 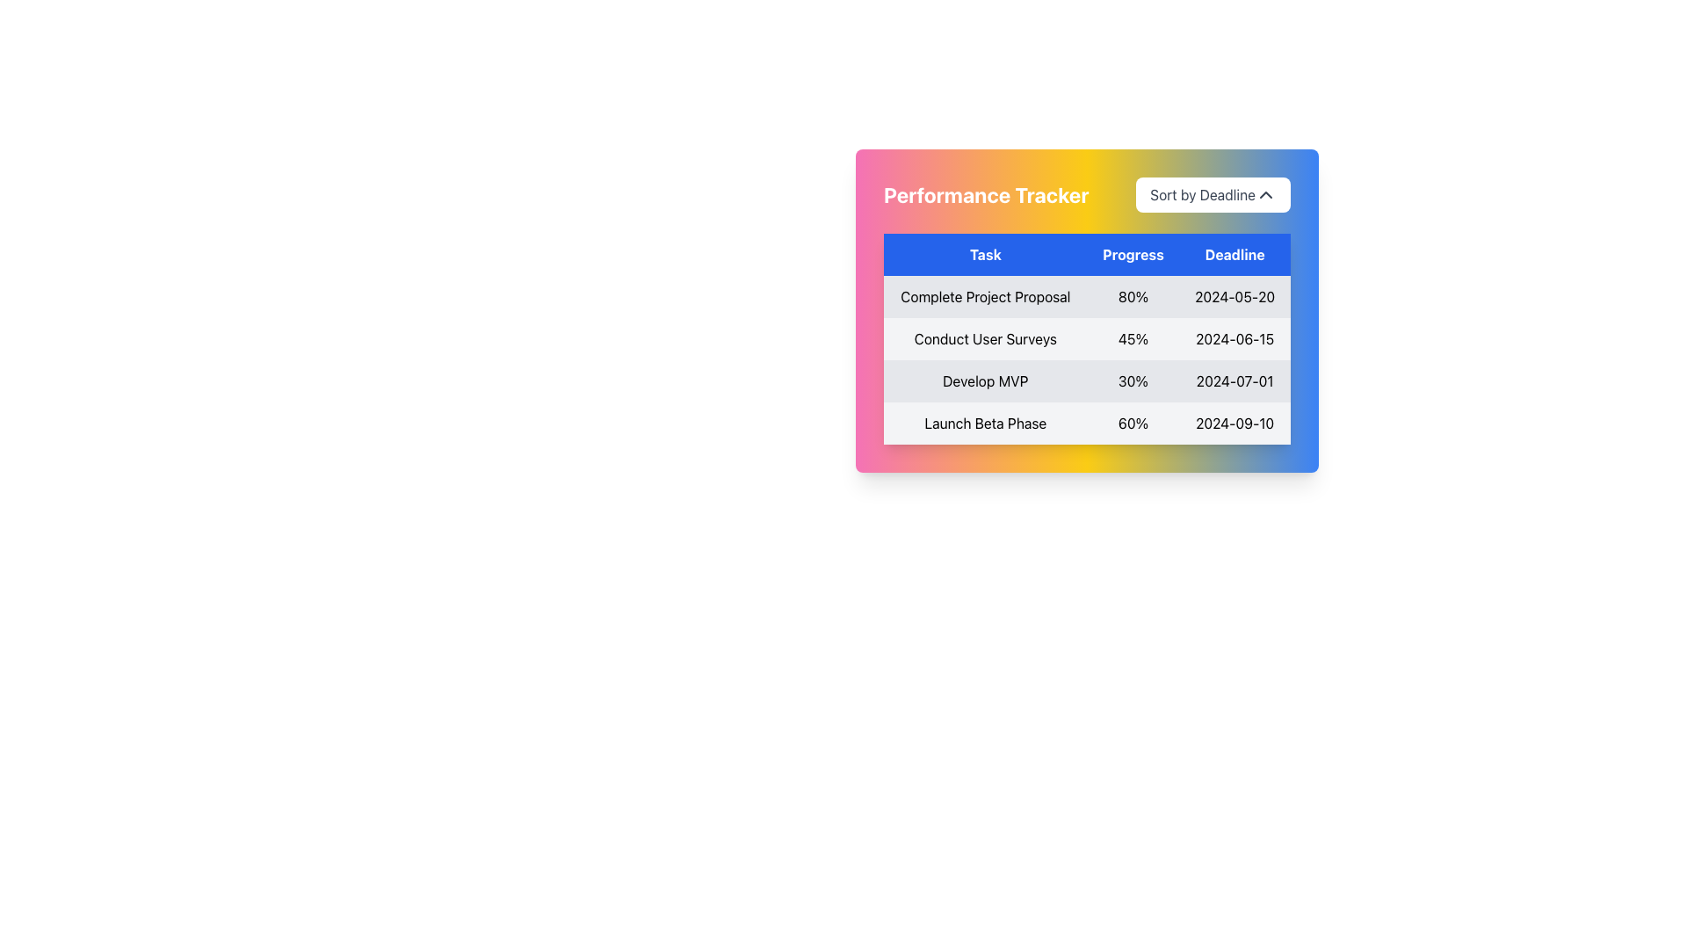 What do you see at coordinates (1234, 296) in the screenshot?
I see `the text display showing '2024-05-20' in the last column labeled 'Deadline' of the data table, which is aligned with the task 'Complete Project Proposal'` at bounding box center [1234, 296].